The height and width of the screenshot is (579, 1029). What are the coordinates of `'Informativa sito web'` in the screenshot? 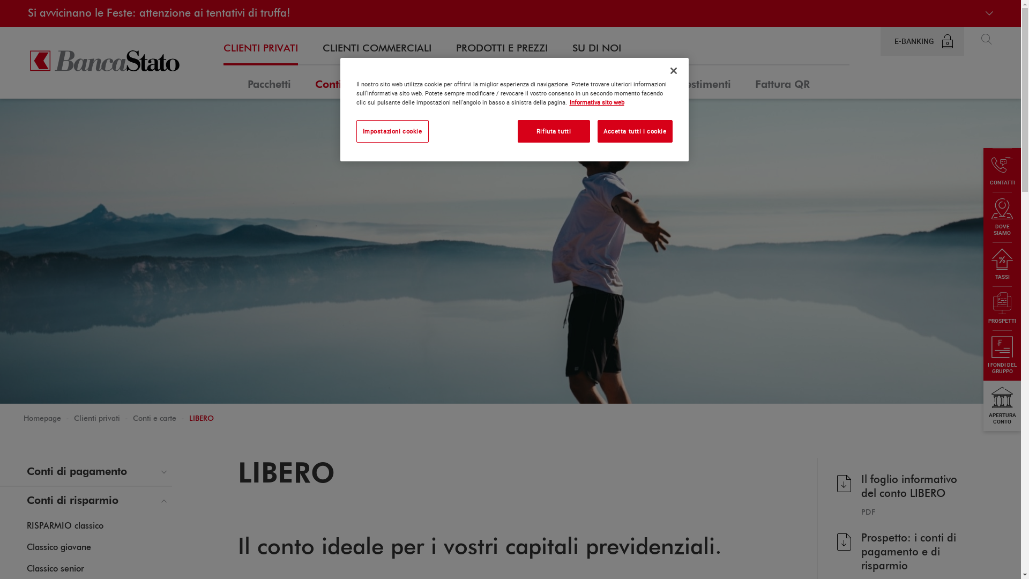 It's located at (596, 102).